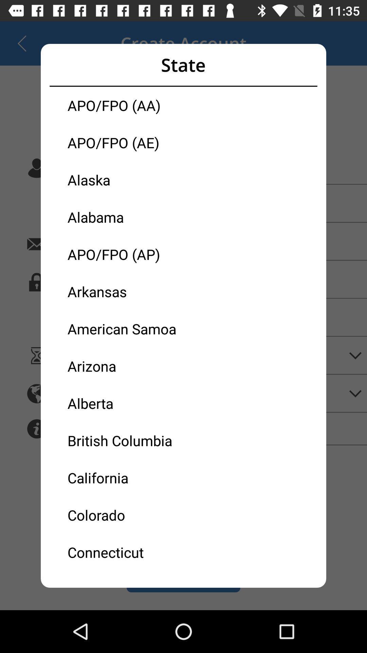 The height and width of the screenshot is (653, 367). I want to click on the icon below arizona item, so click(125, 403).